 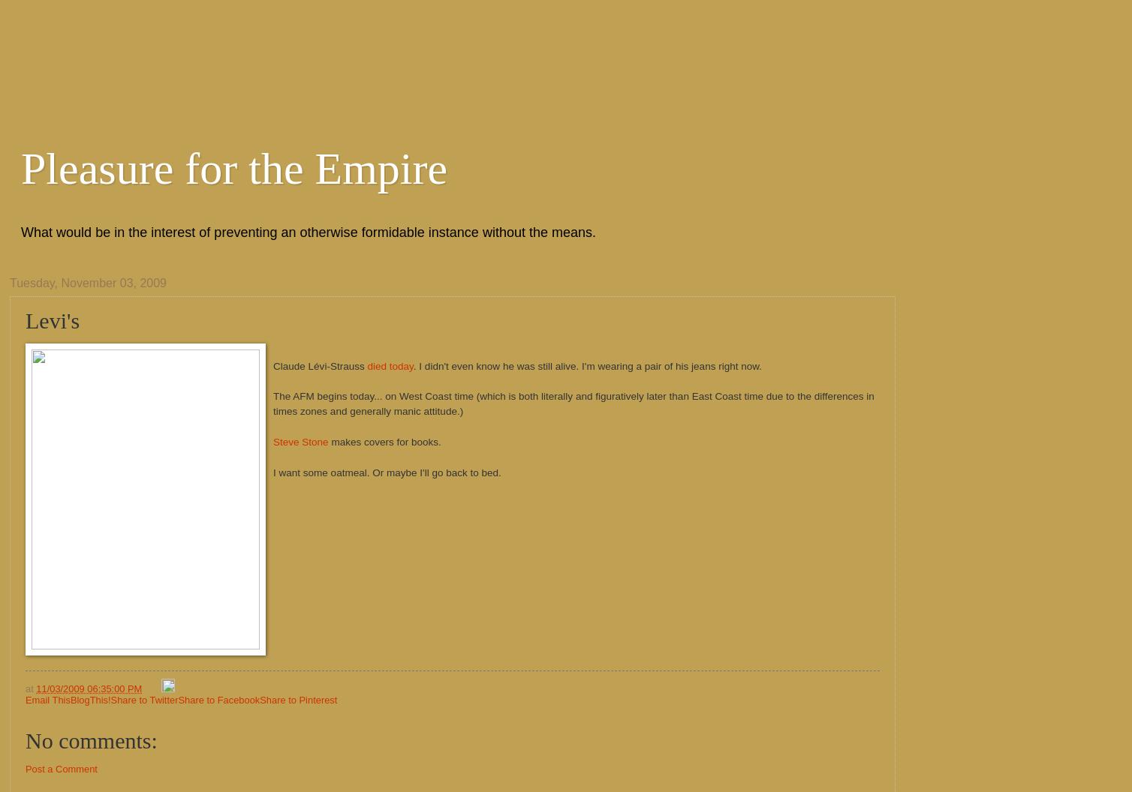 I want to click on 'Claude Lévi-Strauss', so click(x=272, y=364).